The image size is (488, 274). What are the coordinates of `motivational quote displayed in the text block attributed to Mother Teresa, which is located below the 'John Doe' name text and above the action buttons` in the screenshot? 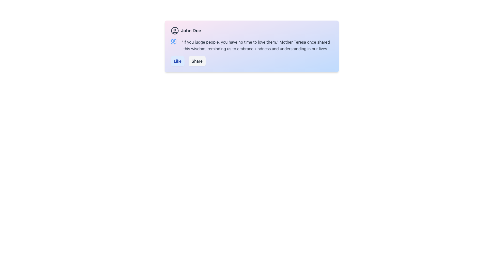 It's located at (252, 45).